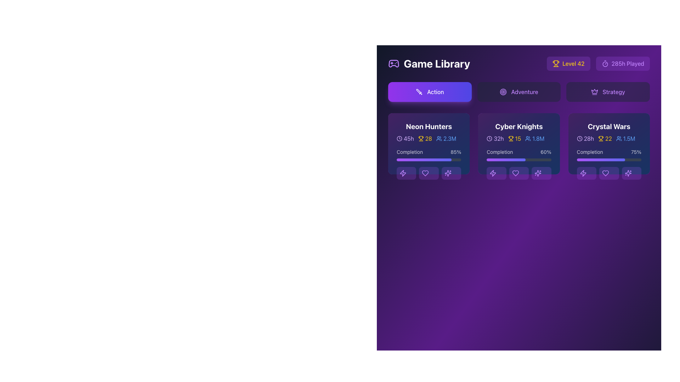 This screenshot has height=382, width=680. I want to click on the 'Game Library' text element, which is bold, white, and prominently placed against a purple background, located to the right of a gamepad icon in the header, so click(436, 64).